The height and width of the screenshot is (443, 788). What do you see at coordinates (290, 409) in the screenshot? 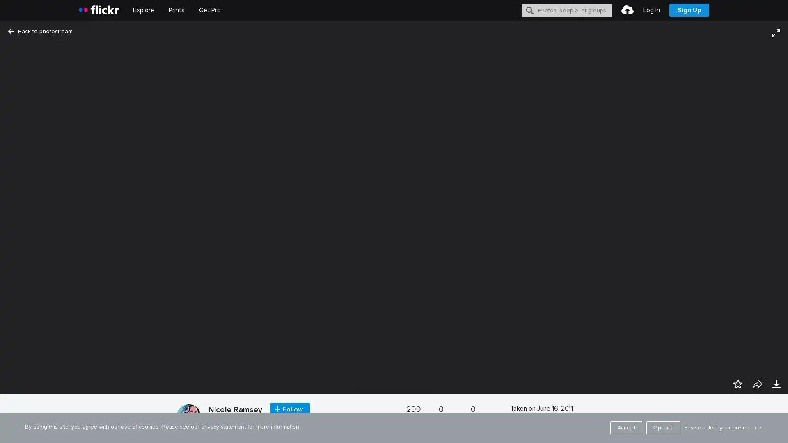
I see `Follow` at bounding box center [290, 409].